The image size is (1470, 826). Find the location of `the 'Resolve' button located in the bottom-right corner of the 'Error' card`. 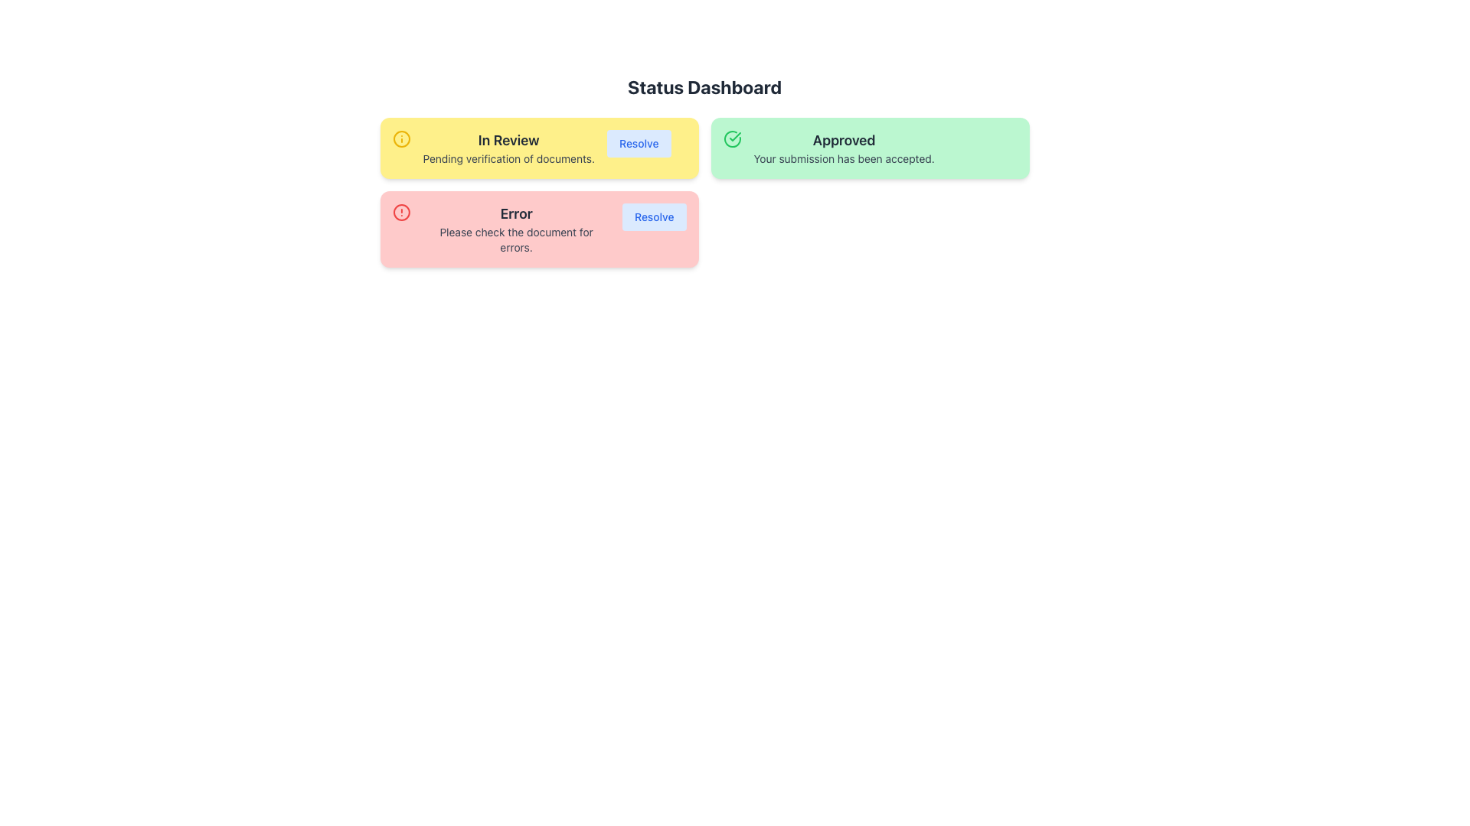

the 'Resolve' button located in the bottom-right corner of the 'Error' card is located at coordinates (654, 217).